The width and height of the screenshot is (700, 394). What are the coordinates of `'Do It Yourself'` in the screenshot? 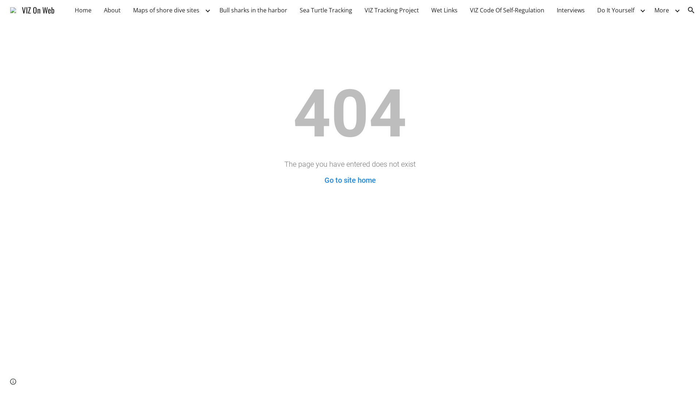 It's located at (615, 10).